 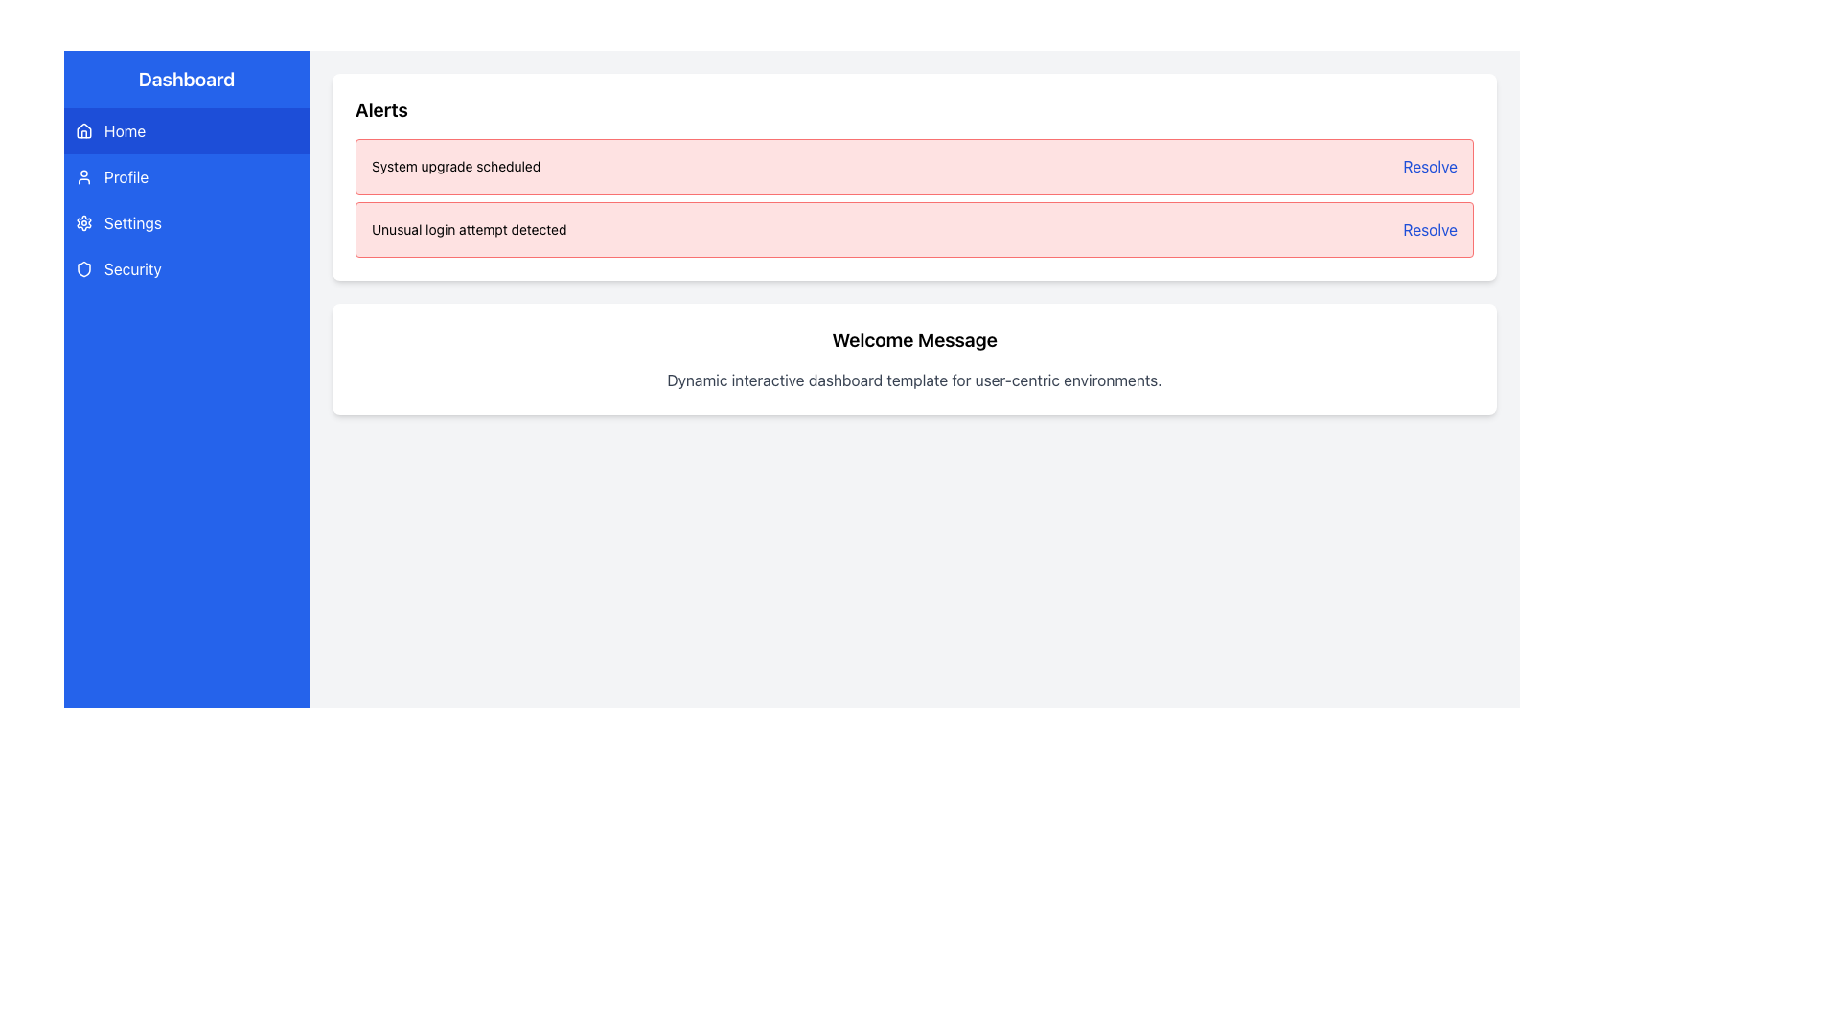 What do you see at coordinates (126, 177) in the screenshot?
I see `the Text label in the vertical navigation menu` at bounding box center [126, 177].